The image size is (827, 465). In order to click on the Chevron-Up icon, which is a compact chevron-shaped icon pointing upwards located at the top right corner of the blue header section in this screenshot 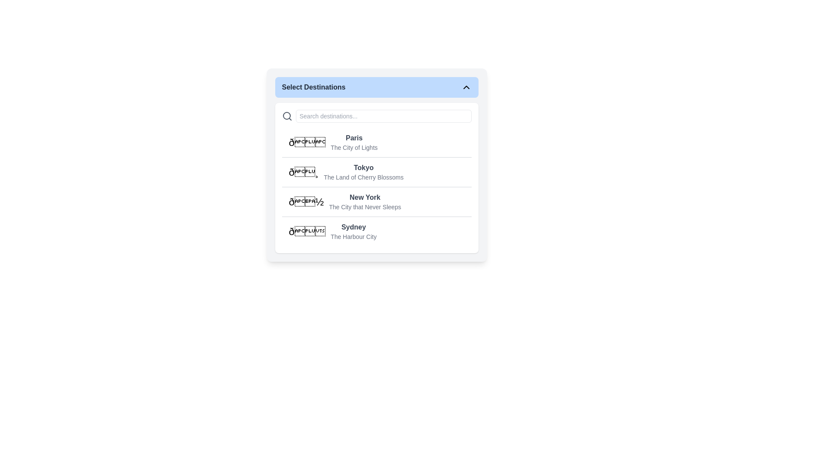, I will do `click(466, 87)`.